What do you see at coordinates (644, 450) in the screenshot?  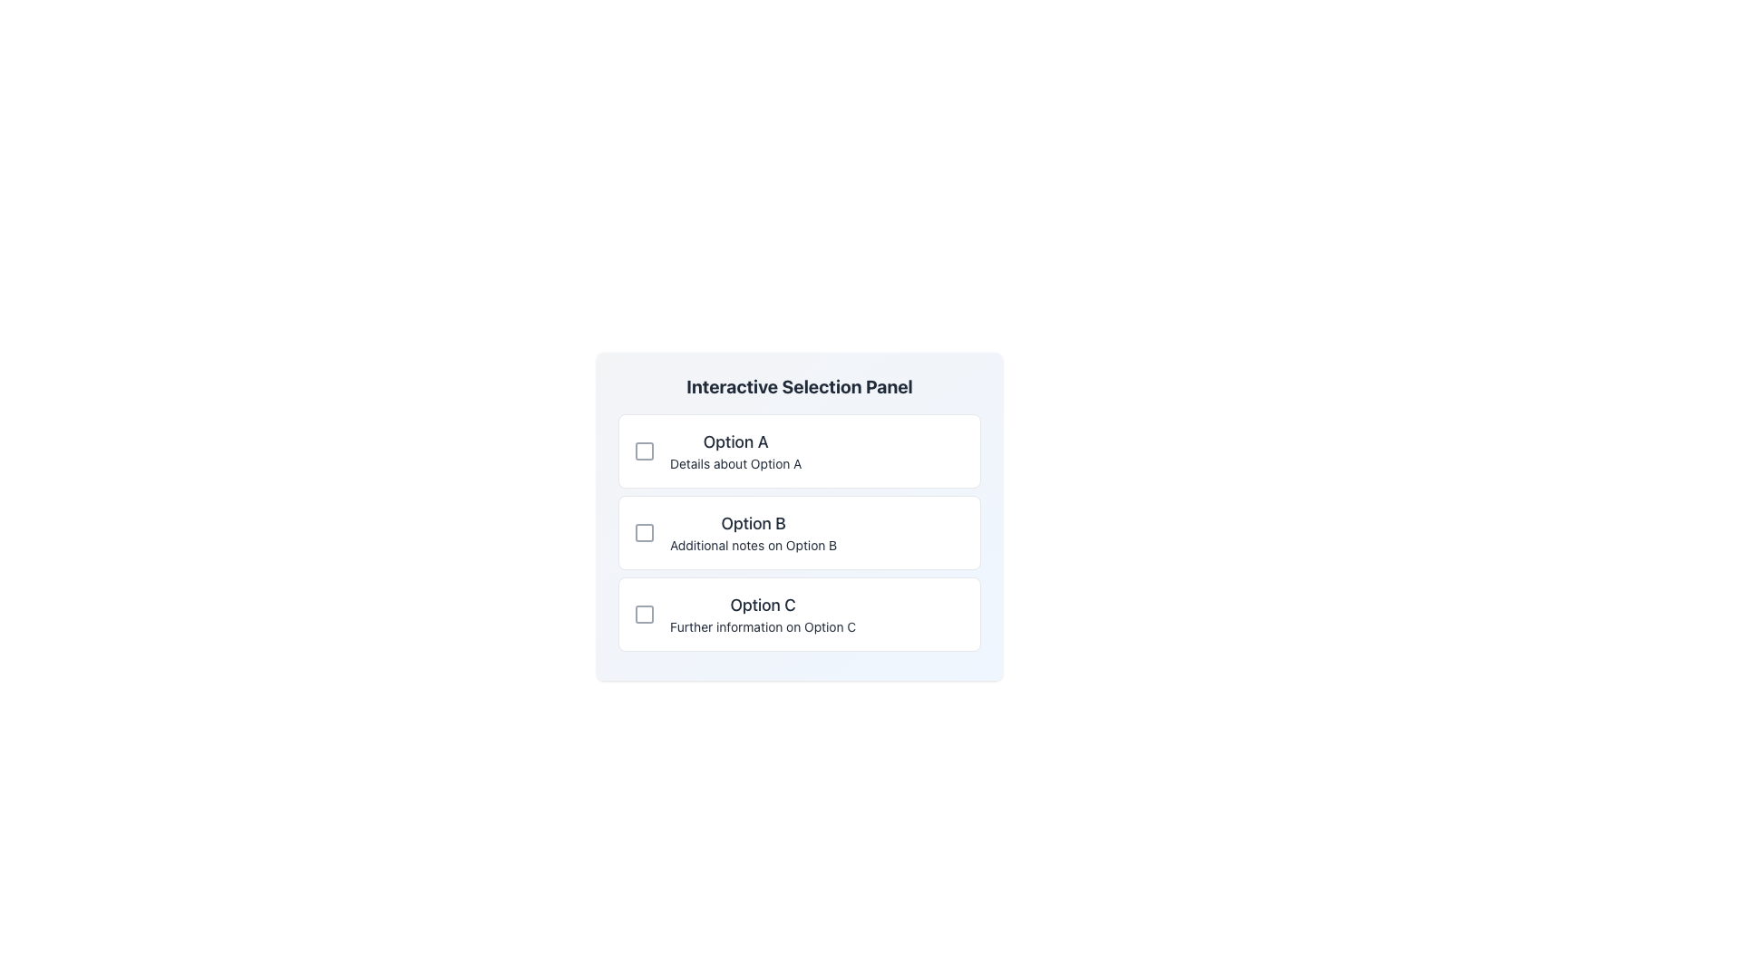 I see `the unselected square checkbox located in the left section of 'Option A'` at bounding box center [644, 450].